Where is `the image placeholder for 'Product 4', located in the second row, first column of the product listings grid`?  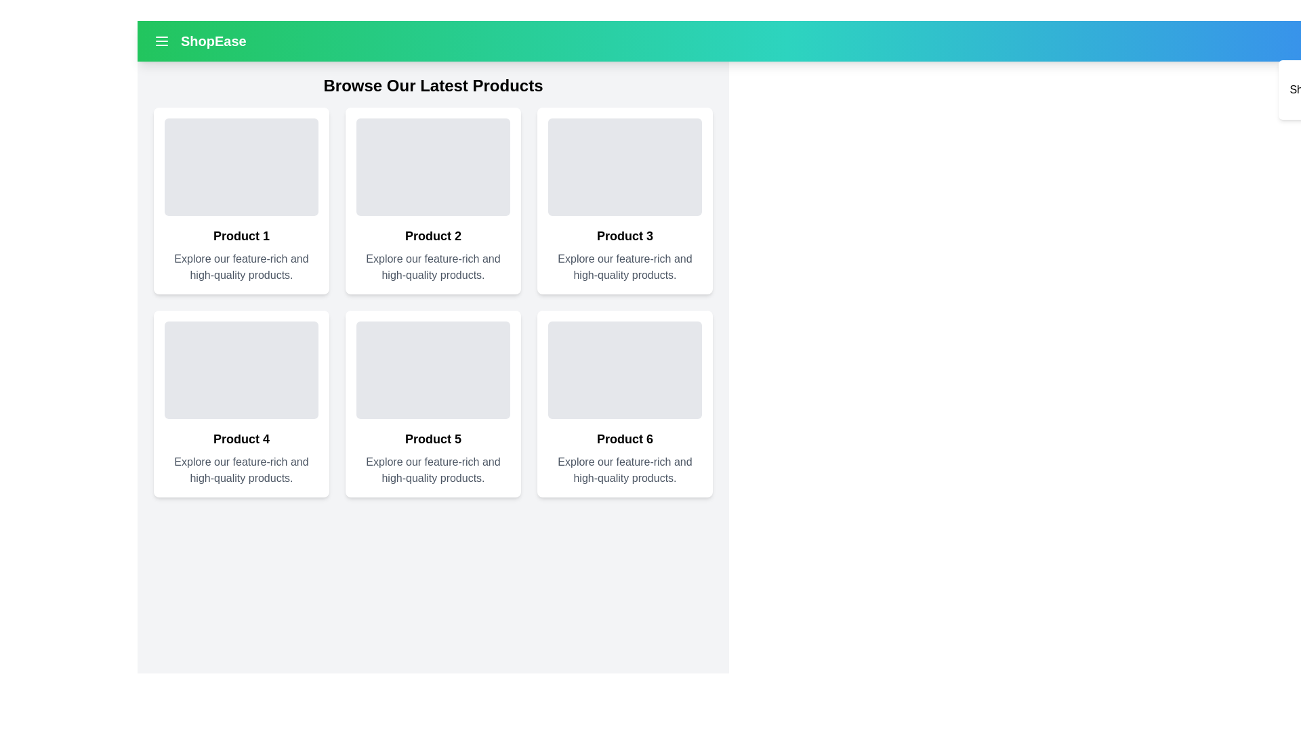
the image placeholder for 'Product 4', located in the second row, first column of the product listings grid is located at coordinates (241, 370).